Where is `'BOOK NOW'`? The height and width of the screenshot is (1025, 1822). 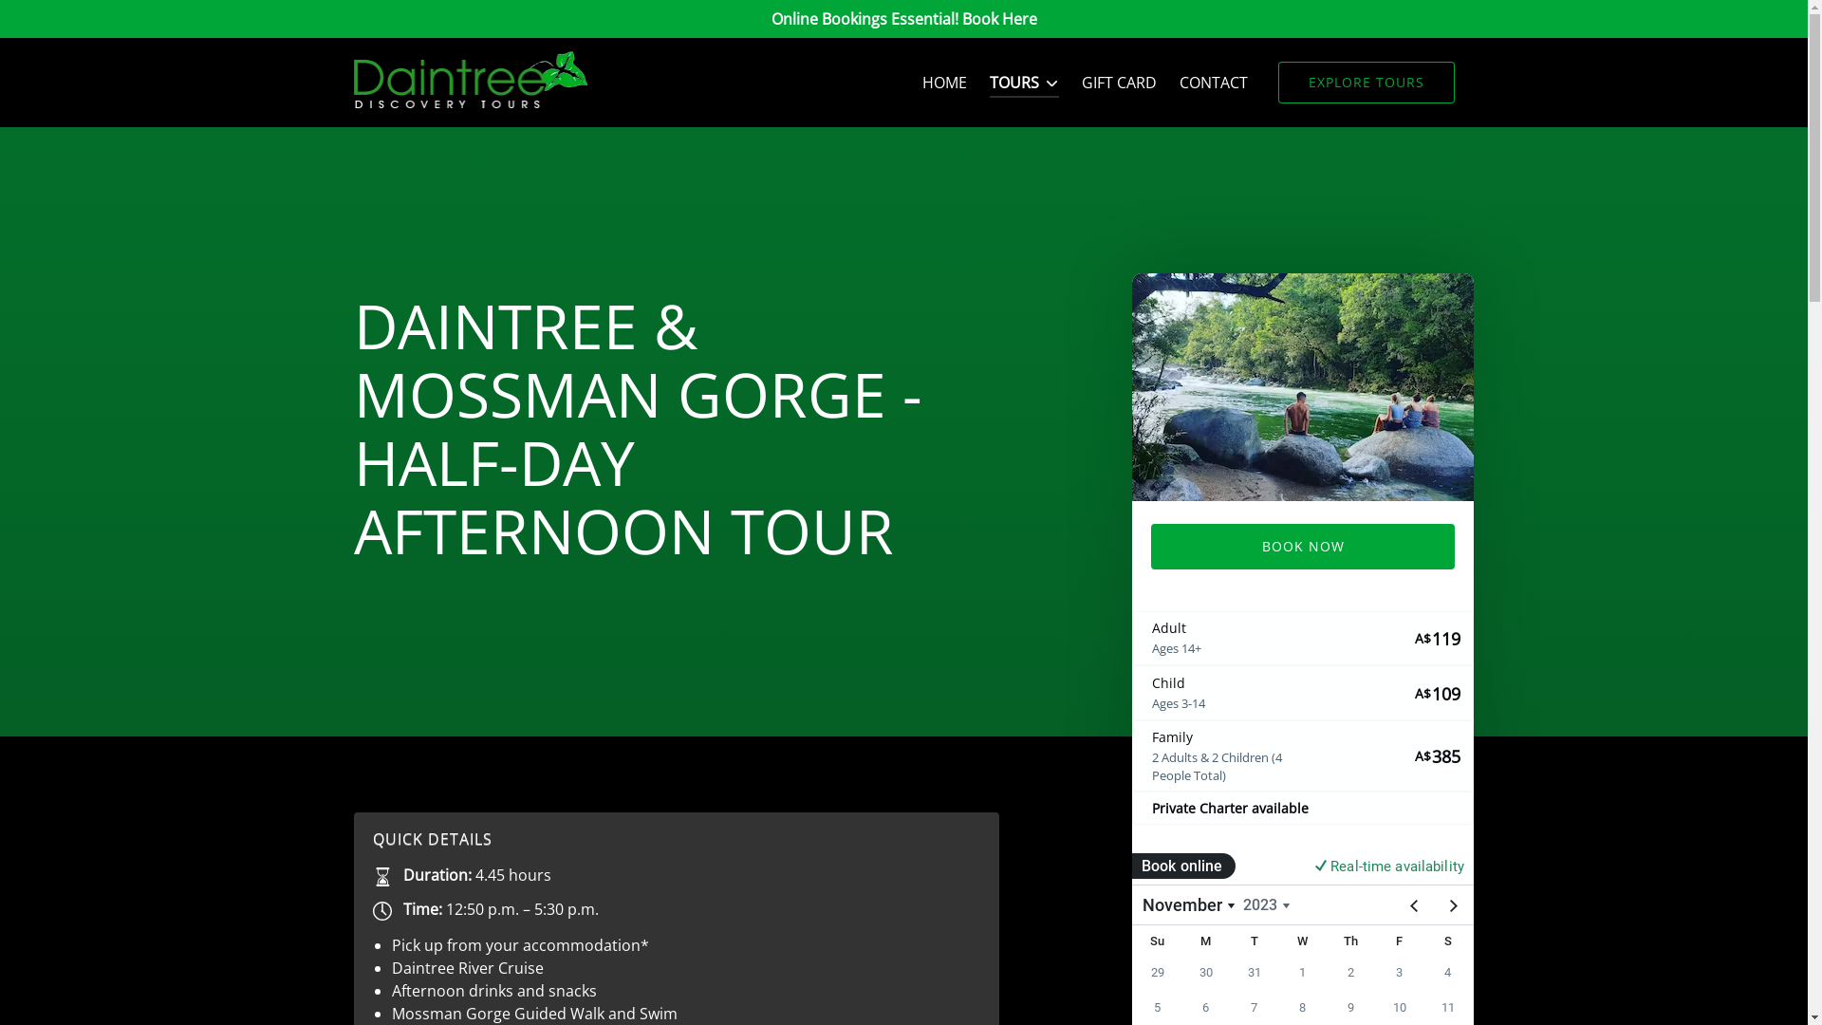 'BOOK NOW' is located at coordinates (1148, 546).